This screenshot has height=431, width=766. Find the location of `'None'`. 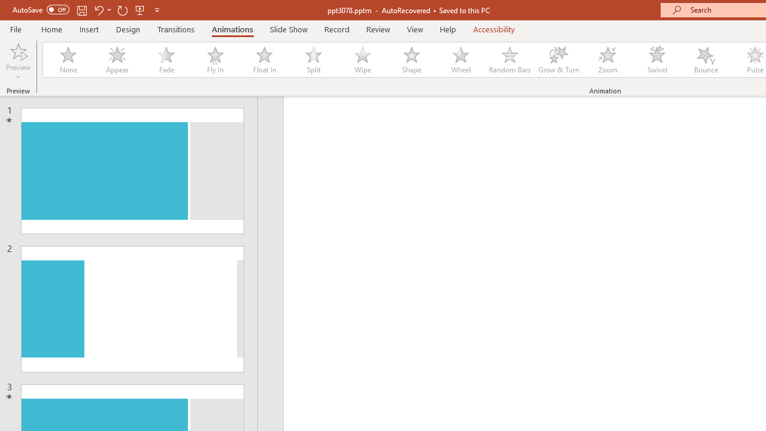

'None' is located at coordinates (67, 60).